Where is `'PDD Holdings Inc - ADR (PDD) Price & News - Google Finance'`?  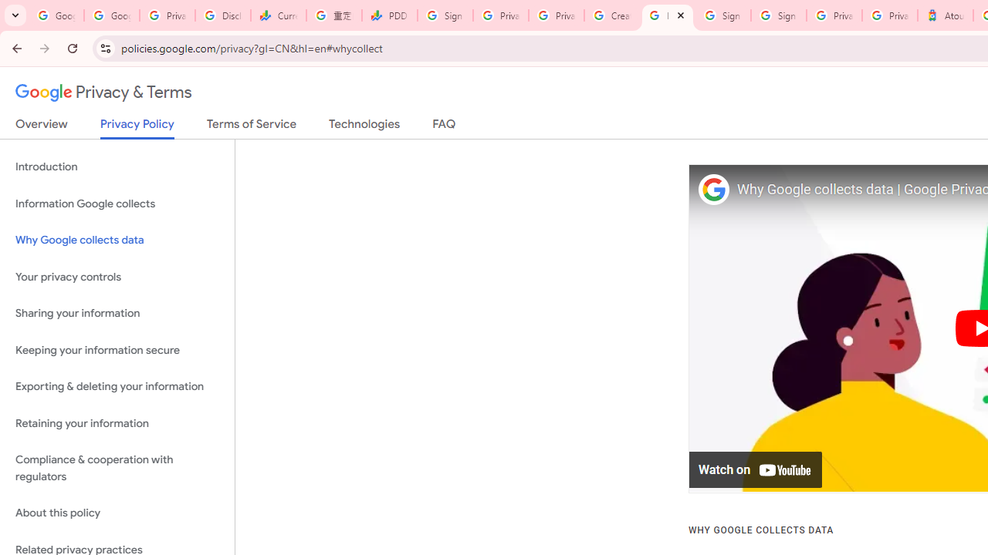 'PDD Holdings Inc - ADR (PDD) Price & News - Google Finance' is located at coordinates (389, 15).